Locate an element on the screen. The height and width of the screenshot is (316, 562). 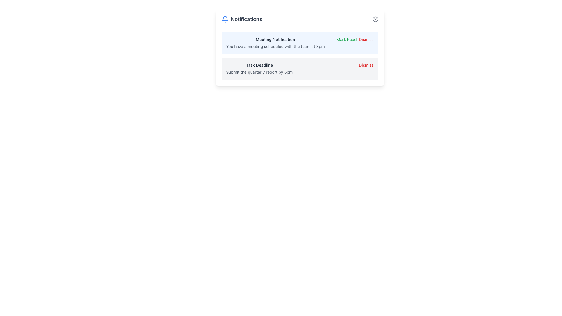
the text 'You have a meeting scheduled with the team at 3pm', which is styled in light gray color and positioned below 'Meeting Notification' is located at coordinates (275, 46).